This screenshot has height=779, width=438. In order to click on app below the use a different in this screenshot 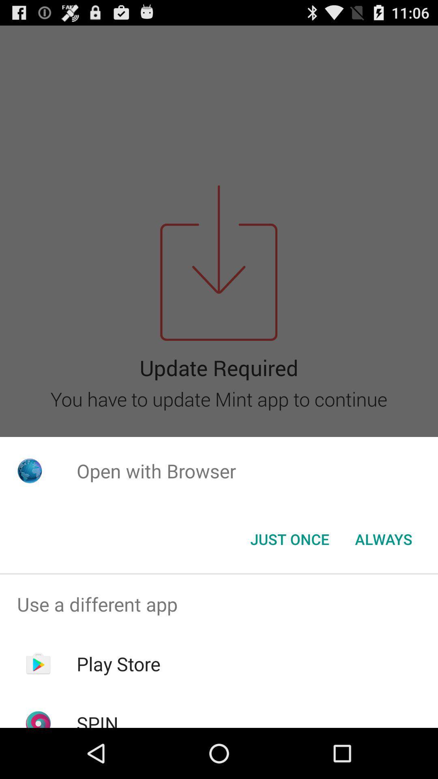, I will do `click(118, 664)`.